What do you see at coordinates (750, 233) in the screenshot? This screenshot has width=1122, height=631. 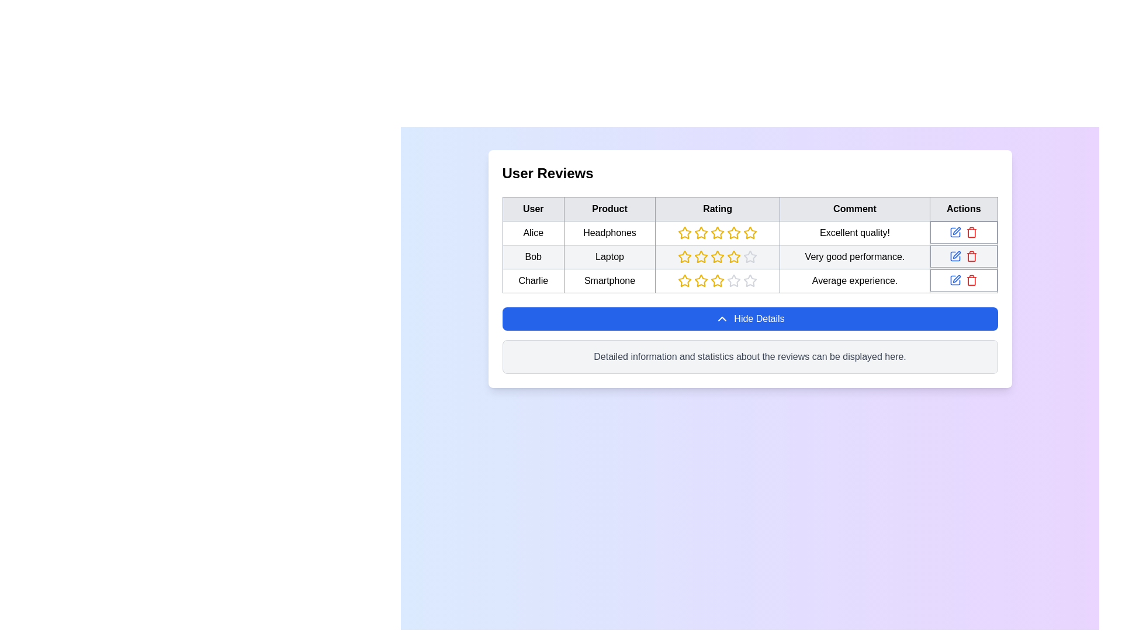 I see `the third star icon in the rating bar for the product 'Headphones' associated with Alice` at bounding box center [750, 233].